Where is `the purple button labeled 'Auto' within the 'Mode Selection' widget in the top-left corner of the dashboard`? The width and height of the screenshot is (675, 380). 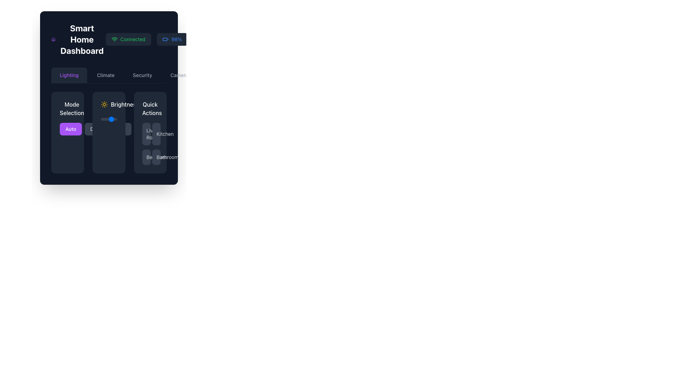
the purple button labeled 'Auto' within the 'Mode Selection' widget in the top-left corner of the dashboard is located at coordinates (67, 133).